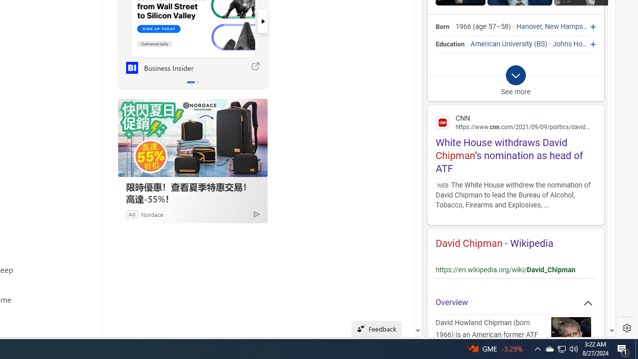 This screenshot has width=638, height=359. I want to click on 'Johns Hopkins University', so click(592, 43).